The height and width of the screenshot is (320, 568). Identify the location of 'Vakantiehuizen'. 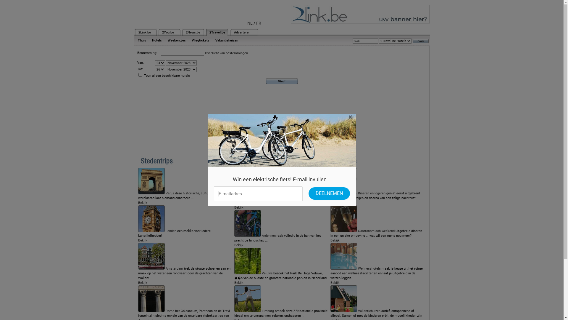
(212, 40).